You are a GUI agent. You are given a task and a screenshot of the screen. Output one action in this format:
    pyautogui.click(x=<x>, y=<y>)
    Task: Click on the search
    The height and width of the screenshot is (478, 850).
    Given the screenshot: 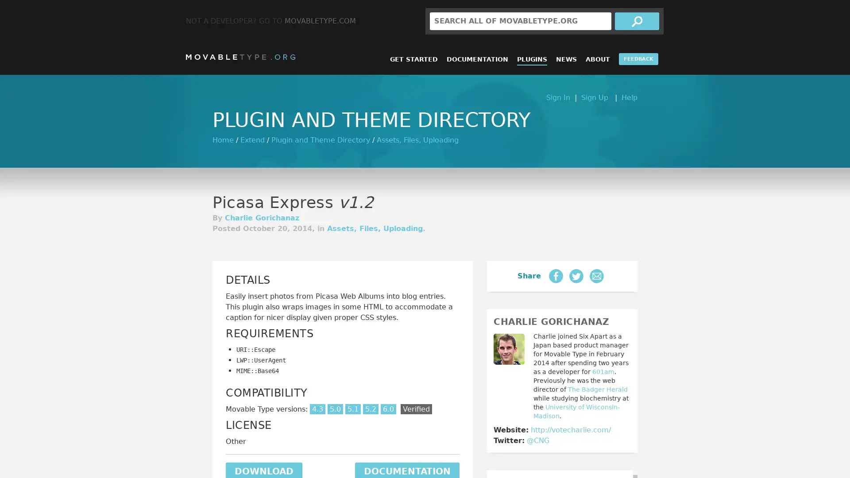 What is the action you would take?
    pyautogui.click(x=637, y=20)
    